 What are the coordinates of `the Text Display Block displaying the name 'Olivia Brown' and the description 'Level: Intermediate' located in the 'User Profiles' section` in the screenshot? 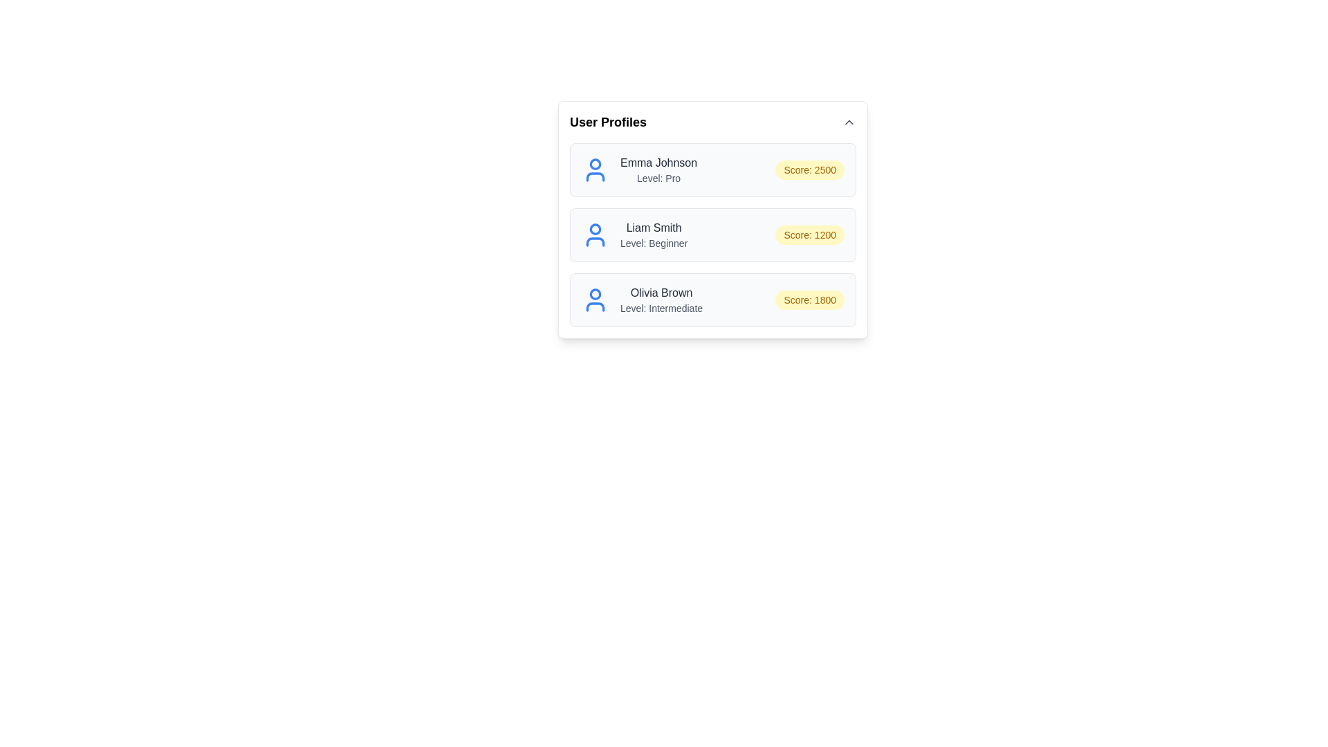 It's located at (661, 299).